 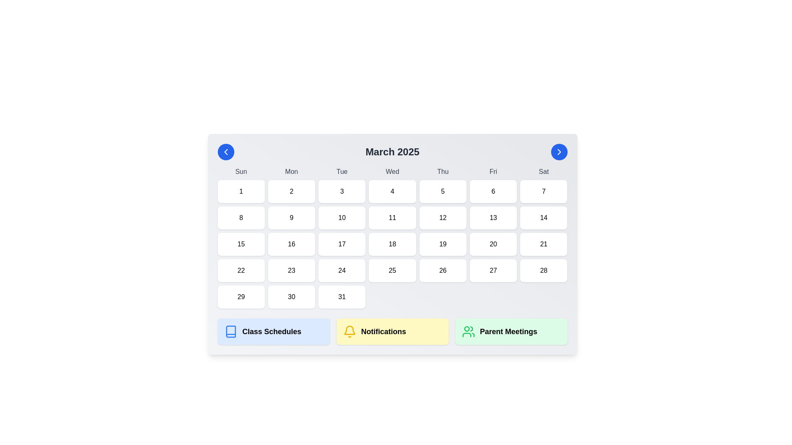 I want to click on to select the date represented by the Date cell in the bottom-left corner of the March 2025 calendar grid under the 'Sun' column, so click(x=240, y=297).